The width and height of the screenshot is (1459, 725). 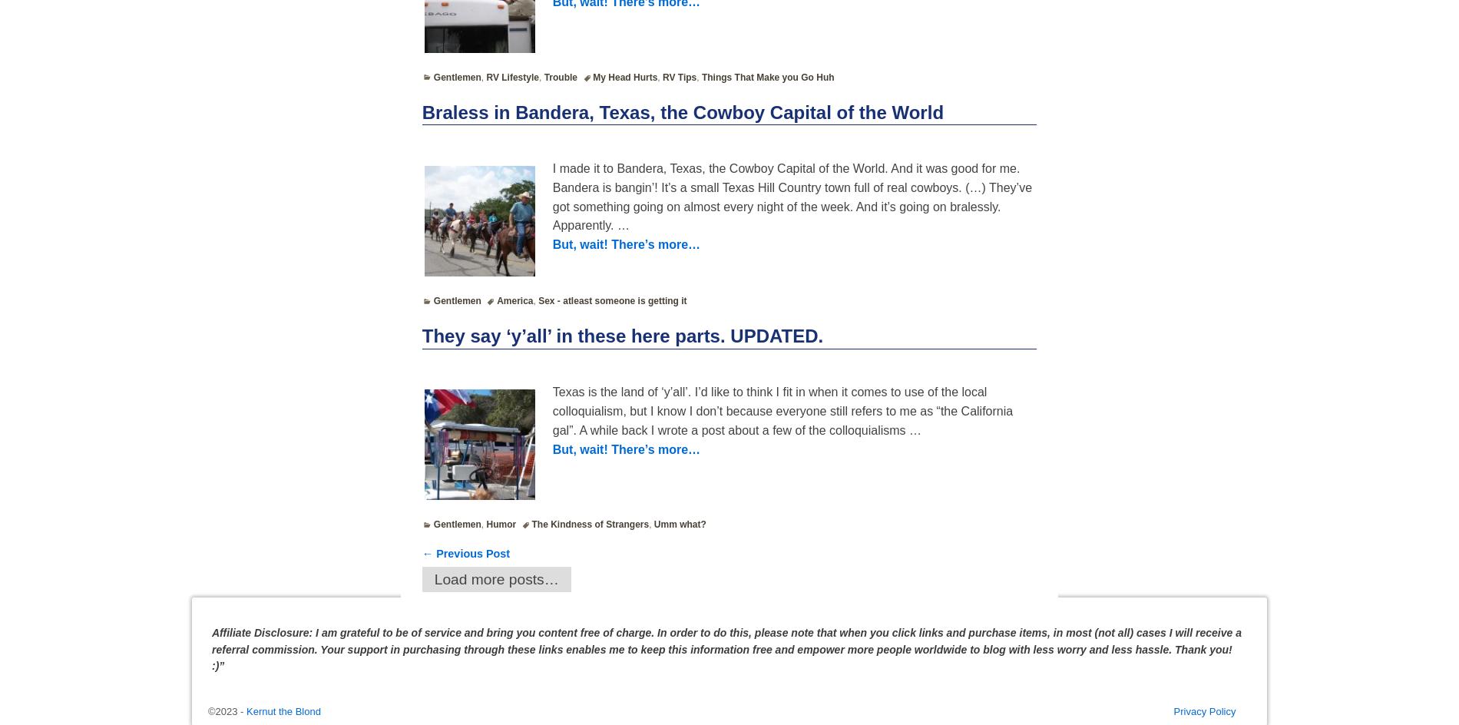 I want to click on 'My Head Hurts', so click(x=624, y=75).